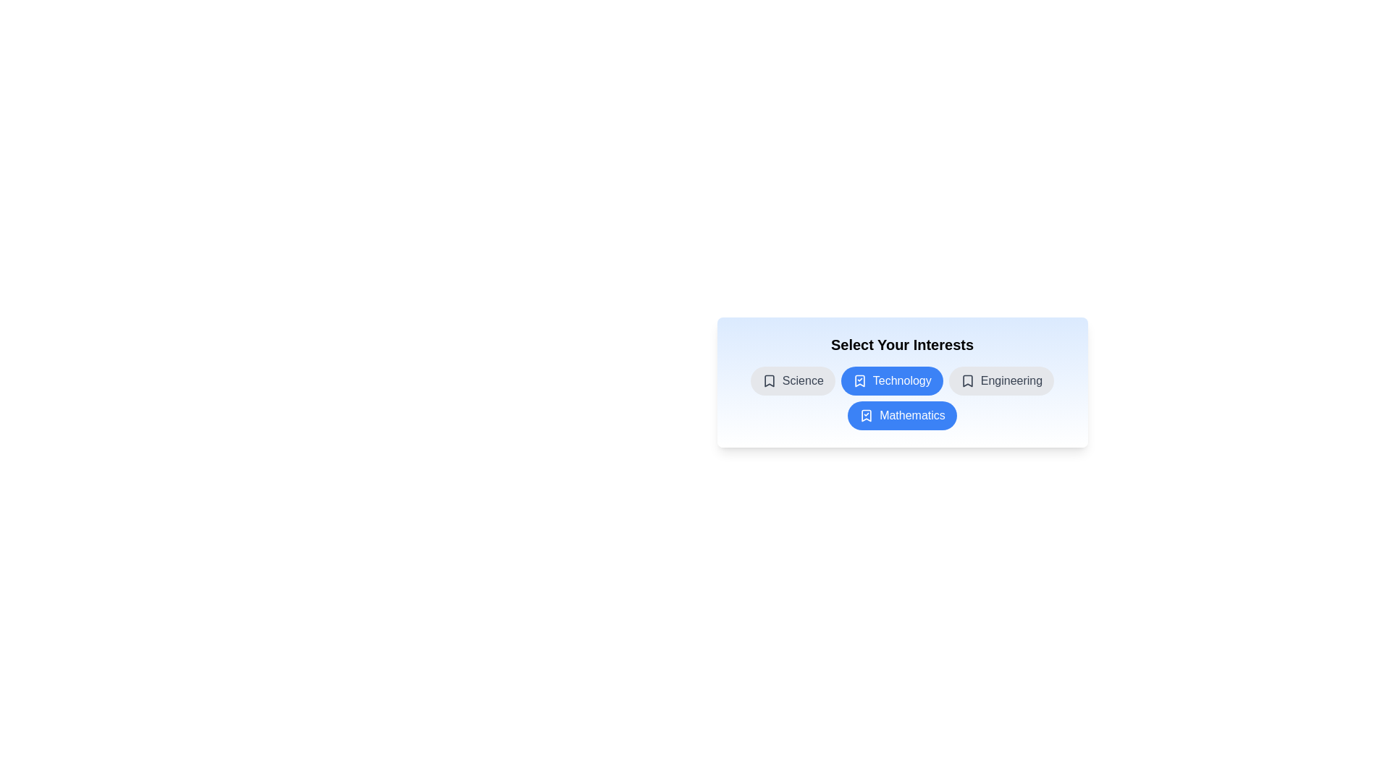 The width and height of the screenshot is (1390, 781). I want to click on the chip labeled Engineering, so click(1000, 380).